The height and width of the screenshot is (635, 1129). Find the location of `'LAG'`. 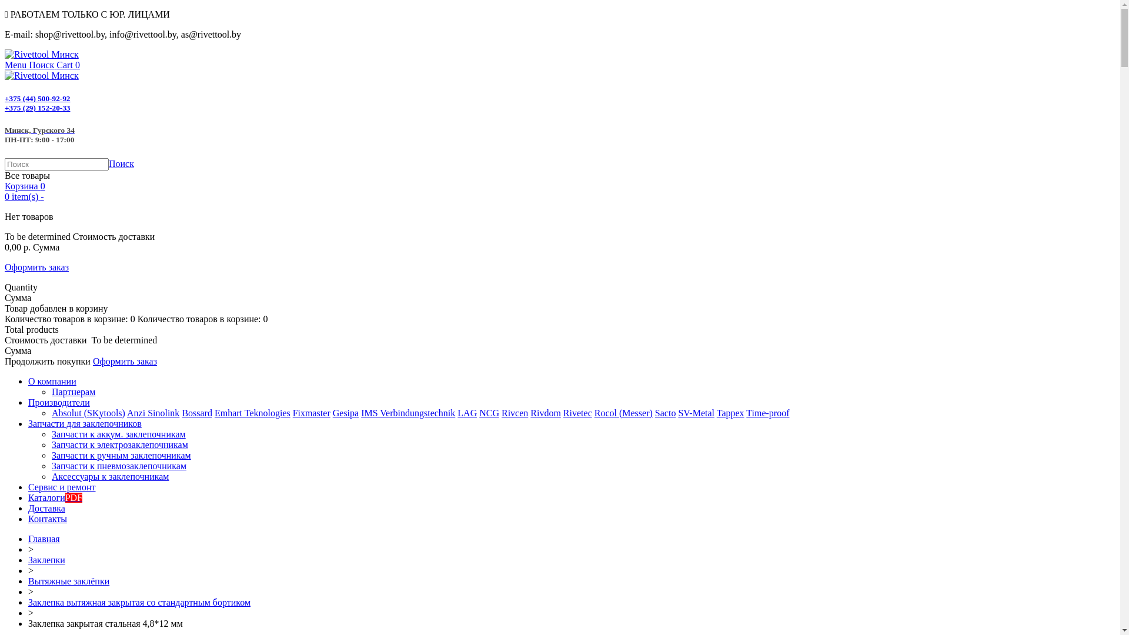

'LAG' is located at coordinates (466, 412).